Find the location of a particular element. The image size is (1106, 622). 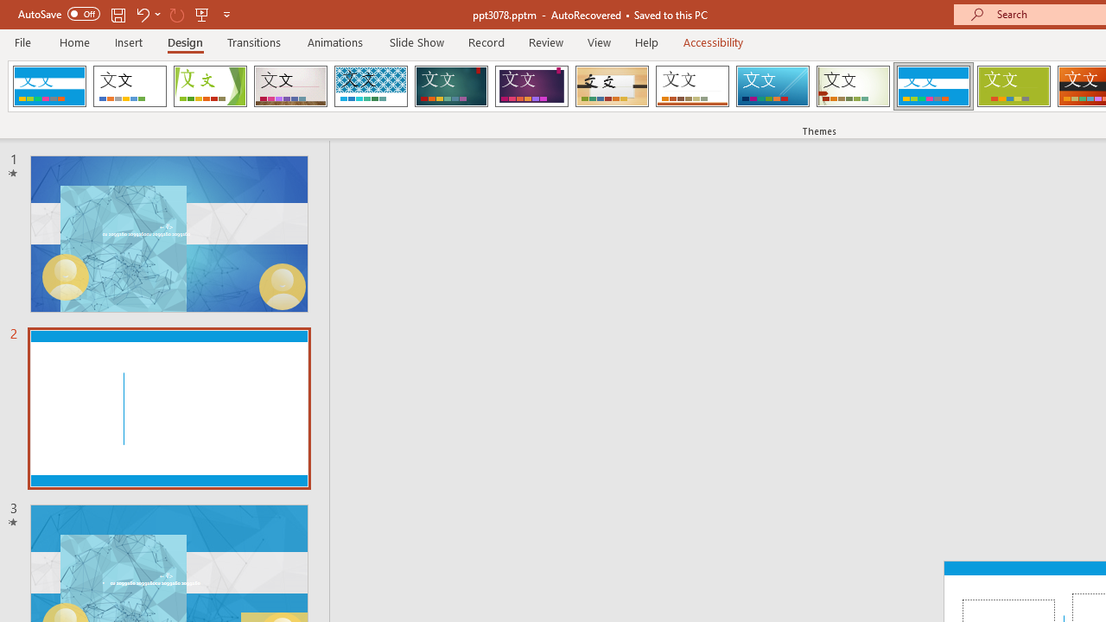

'Wisp' is located at coordinates (853, 86).